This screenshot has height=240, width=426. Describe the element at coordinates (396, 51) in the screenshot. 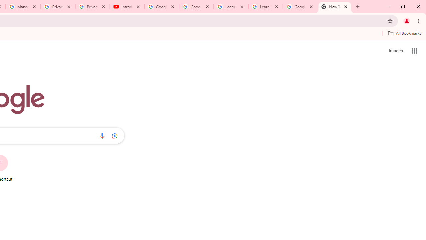

I see `'Search for Images '` at that location.